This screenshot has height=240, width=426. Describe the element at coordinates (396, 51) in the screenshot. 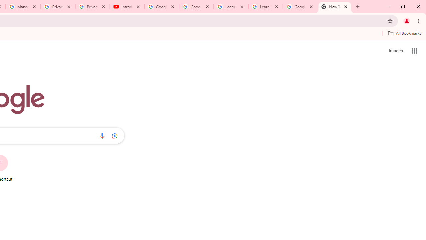

I see `'Search for Images '` at that location.